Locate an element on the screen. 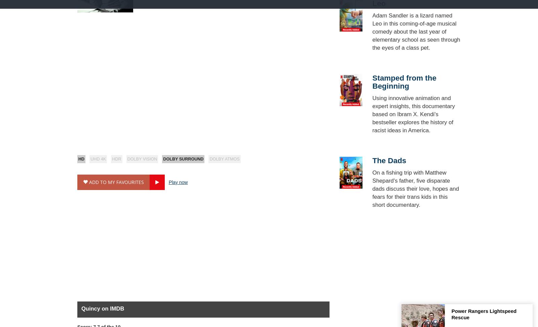 The image size is (538, 327). 'Stamped from the Beginning' is located at coordinates (403, 82).